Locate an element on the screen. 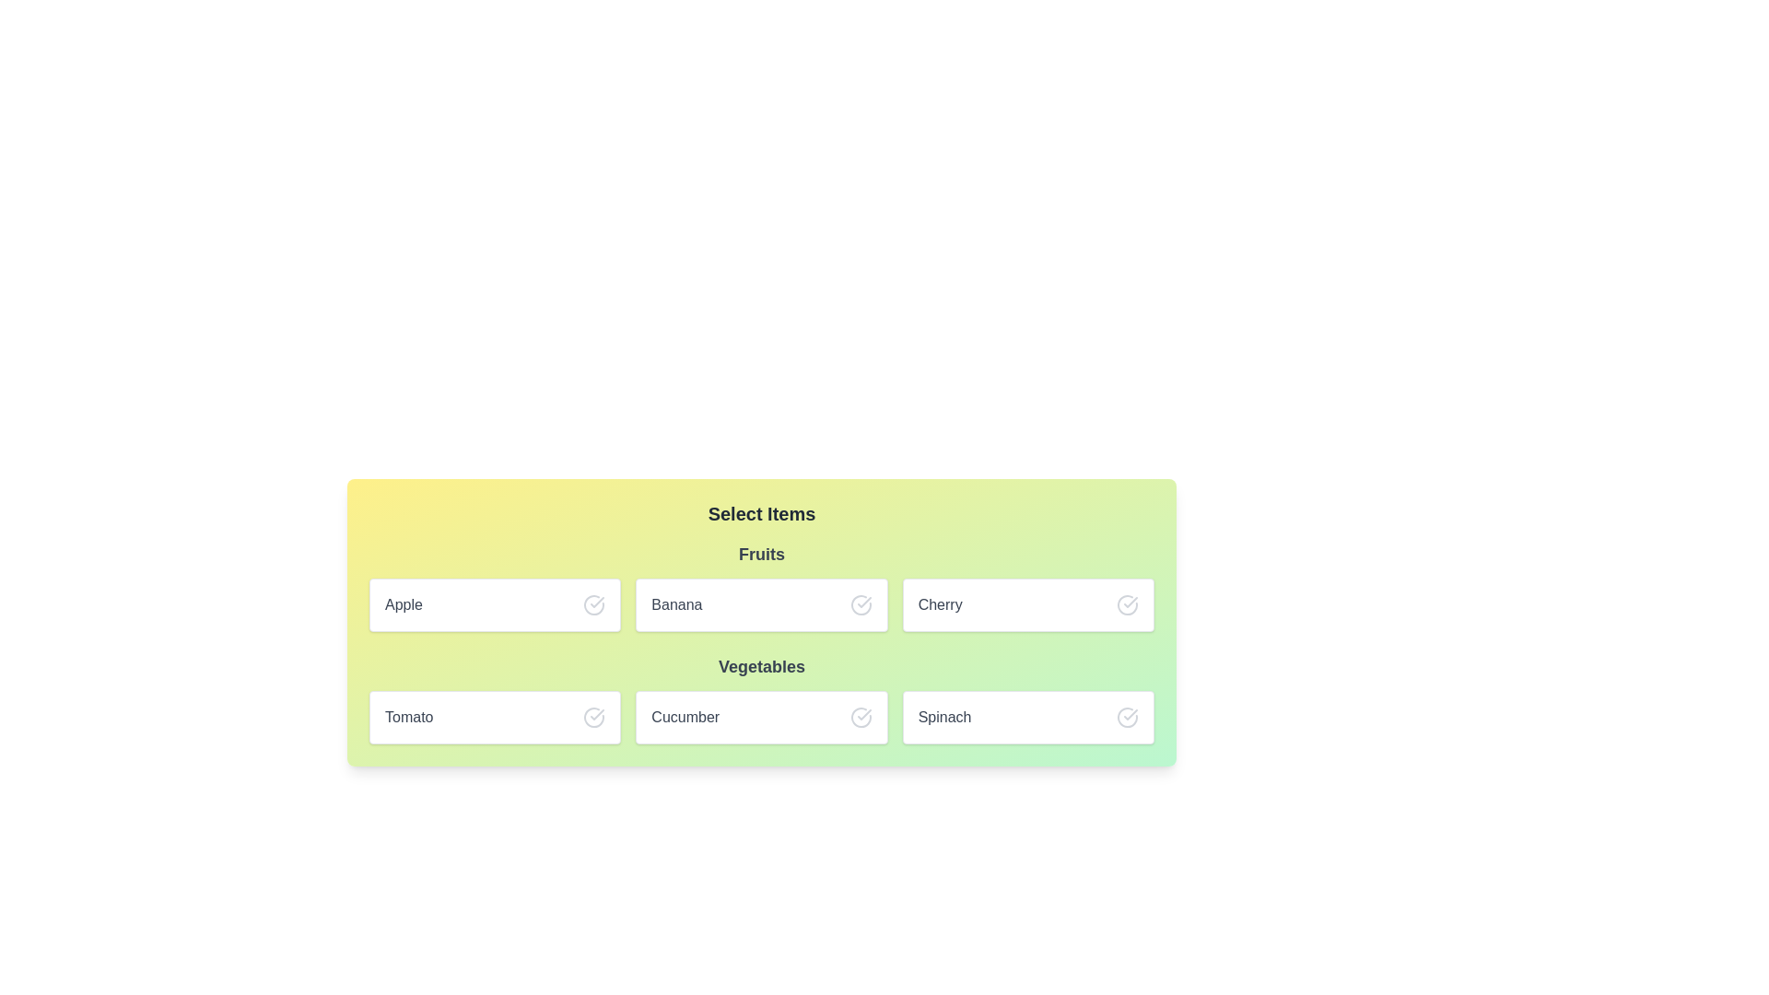 The width and height of the screenshot is (1769, 995). text element displaying 'Apple', styled in gray color and medium font weight, located in the upper-left card of the grid layout in the 'Fruits' section is located at coordinates (403, 604).